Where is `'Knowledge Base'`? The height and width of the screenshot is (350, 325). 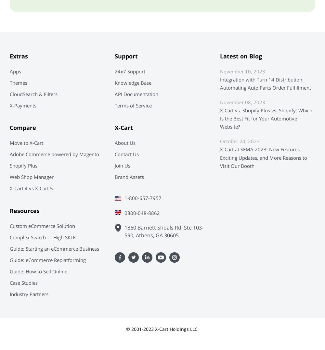
'Knowledge Base' is located at coordinates (114, 82).